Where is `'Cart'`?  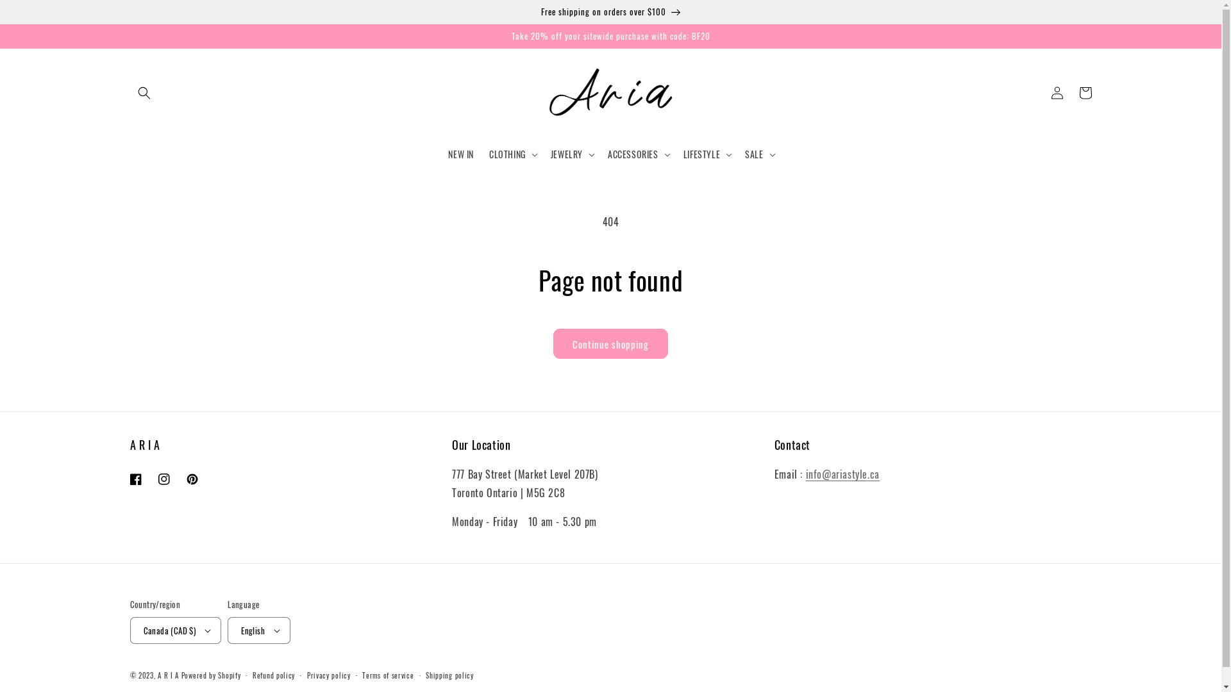 'Cart' is located at coordinates (1084, 92).